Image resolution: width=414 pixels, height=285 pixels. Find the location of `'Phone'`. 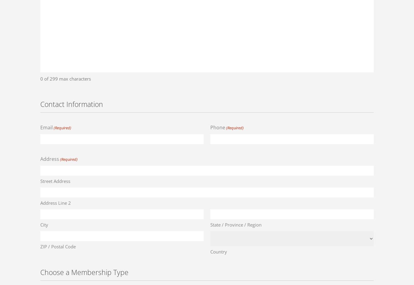

'Phone' is located at coordinates (210, 127).